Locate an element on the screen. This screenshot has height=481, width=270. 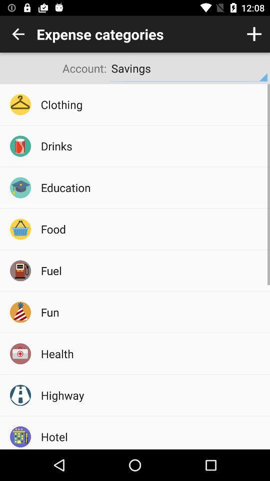
previous is located at coordinates (18, 34).